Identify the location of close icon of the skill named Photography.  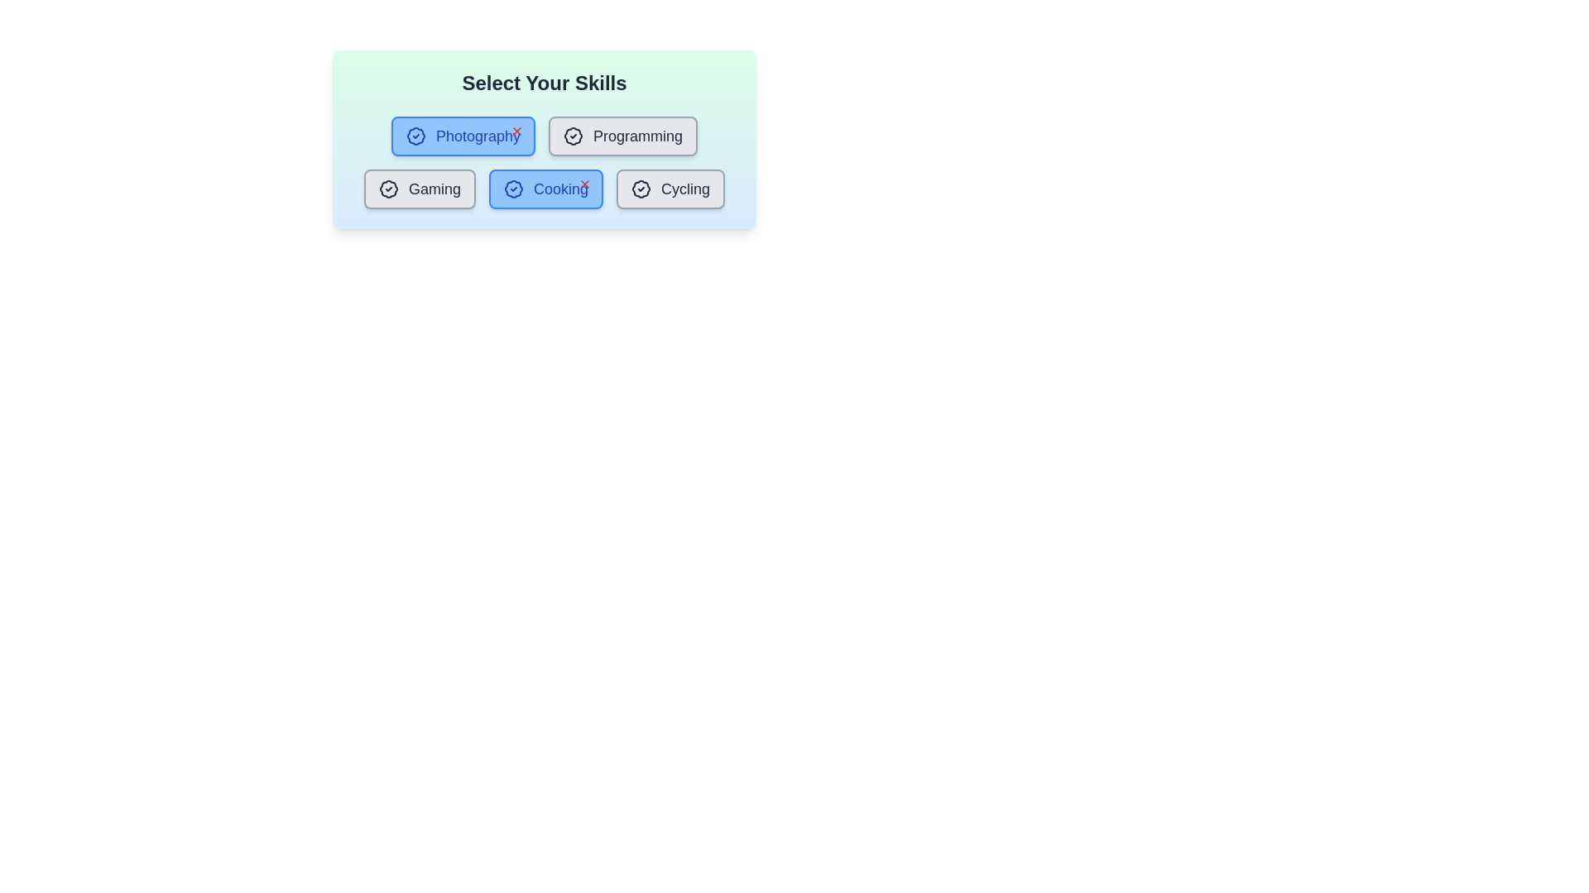
(516, 130).